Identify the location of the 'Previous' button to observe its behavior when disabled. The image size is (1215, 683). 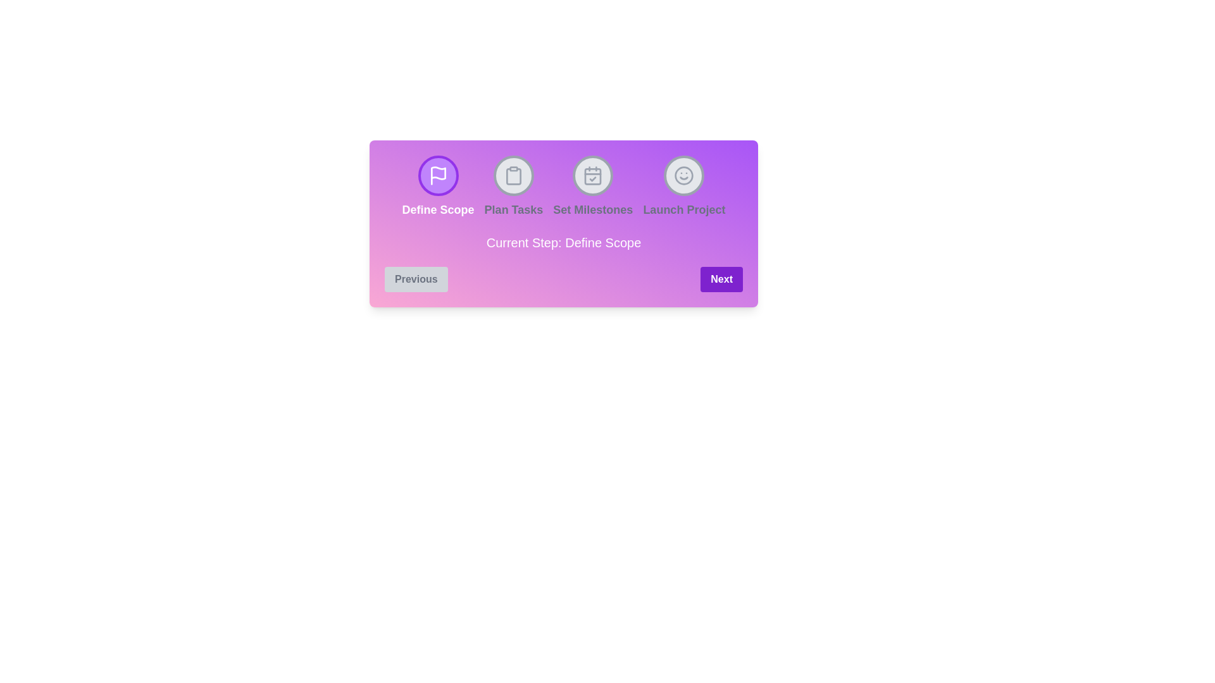
(416, 279).